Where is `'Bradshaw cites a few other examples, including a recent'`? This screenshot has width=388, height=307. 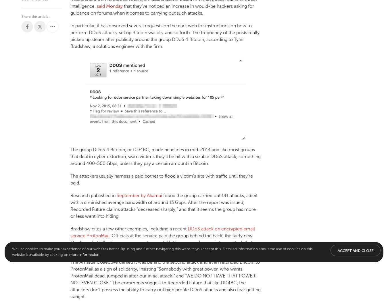 'Bradshaw cites a few other examples, including a recent' is located at coordinates (129, 228).